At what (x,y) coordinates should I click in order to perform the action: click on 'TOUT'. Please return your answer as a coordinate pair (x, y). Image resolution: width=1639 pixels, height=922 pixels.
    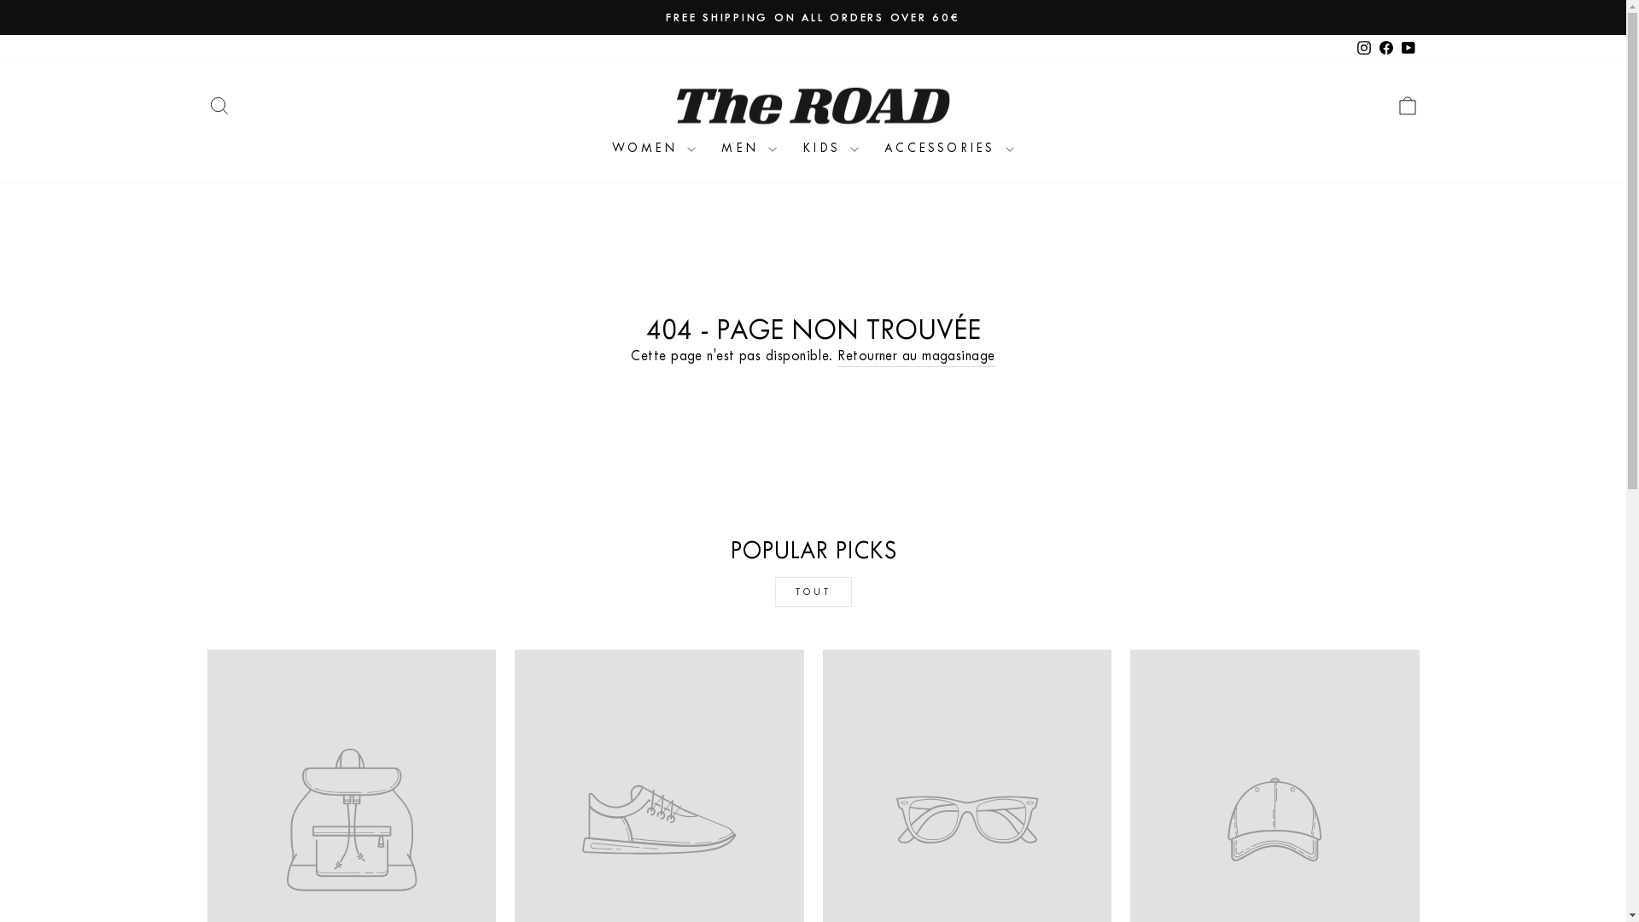
    Looking at the image, I should click on (813, 591).